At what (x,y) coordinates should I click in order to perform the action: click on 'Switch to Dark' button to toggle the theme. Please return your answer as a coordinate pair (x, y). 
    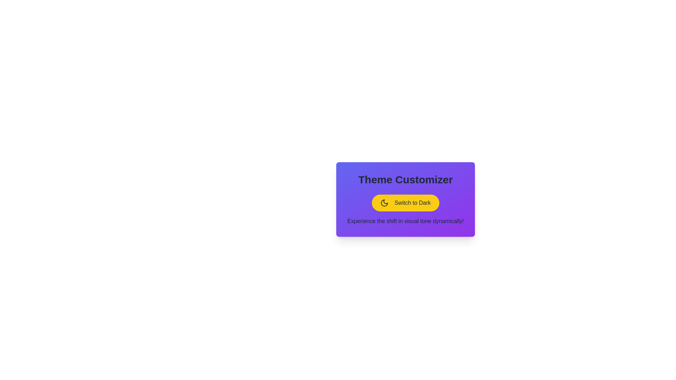
    Looking at the image, I should click on (406, 203).